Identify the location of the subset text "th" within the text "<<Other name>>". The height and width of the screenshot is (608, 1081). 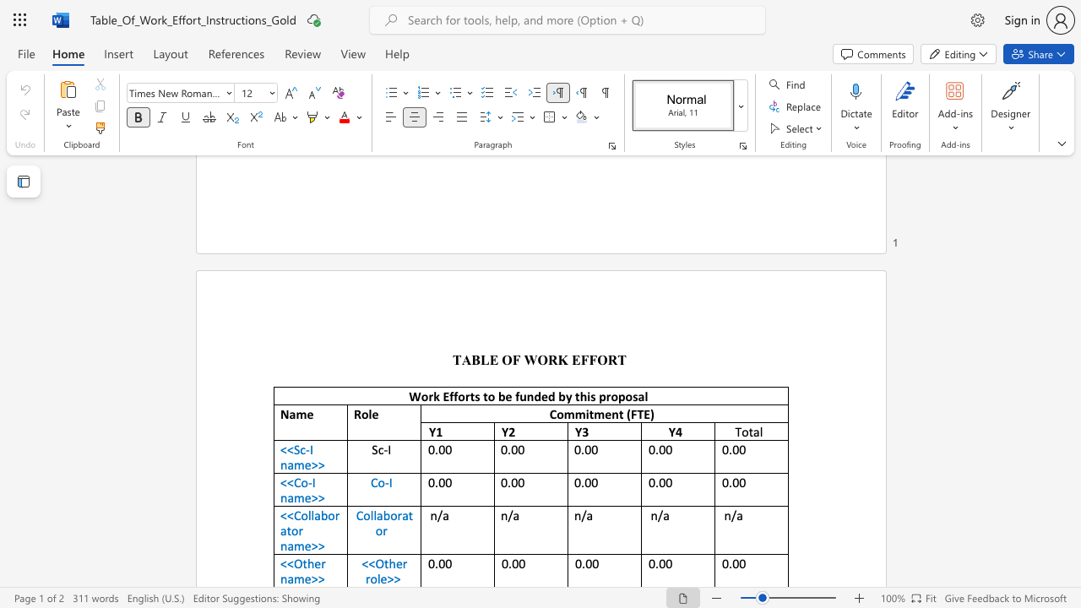
(302, 563).